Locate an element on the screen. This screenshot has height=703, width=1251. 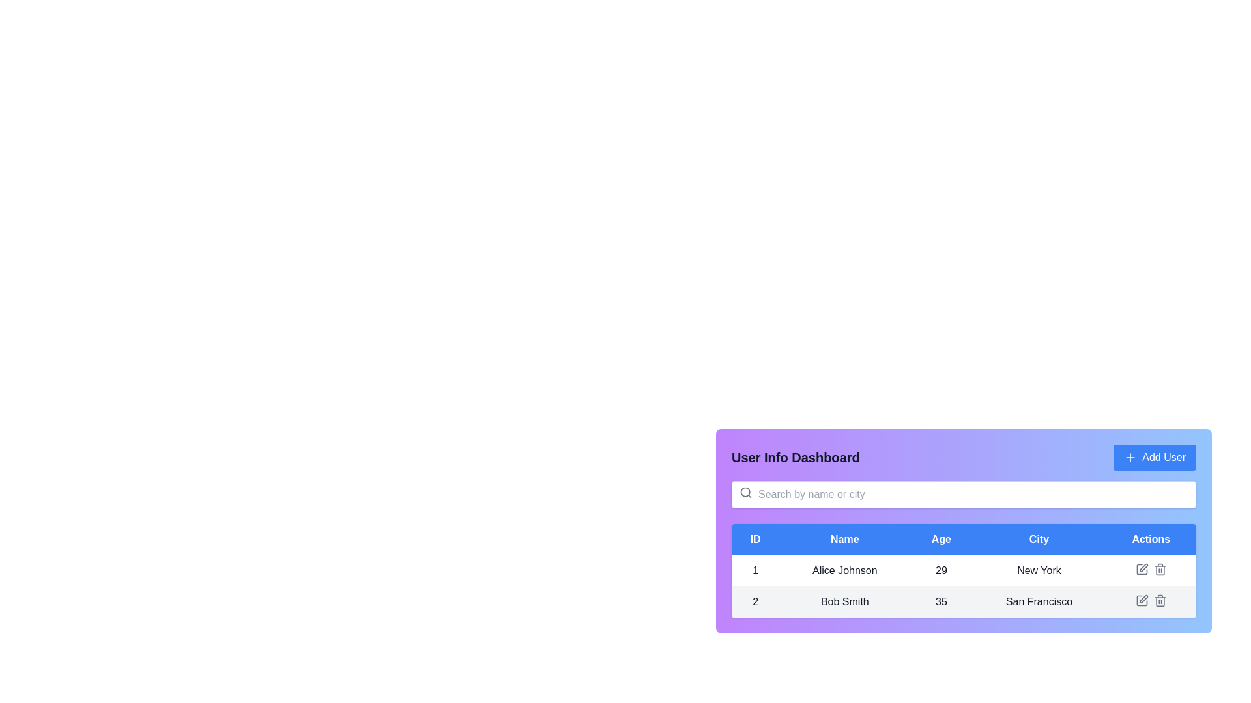
the edit icon (pencil) in the actions cell of the row for user 'Bob Smith' is located at coordinates (1151, 600).